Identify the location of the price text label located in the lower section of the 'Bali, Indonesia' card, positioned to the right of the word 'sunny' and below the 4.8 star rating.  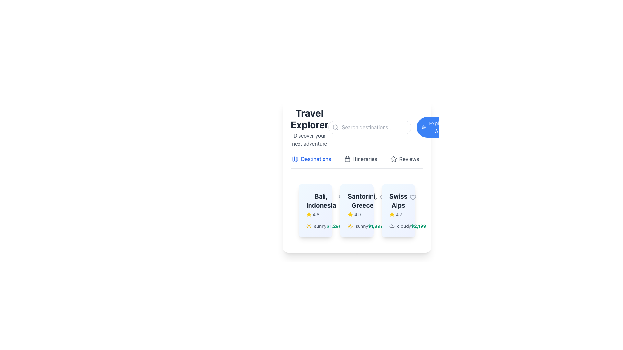
(334, 226).